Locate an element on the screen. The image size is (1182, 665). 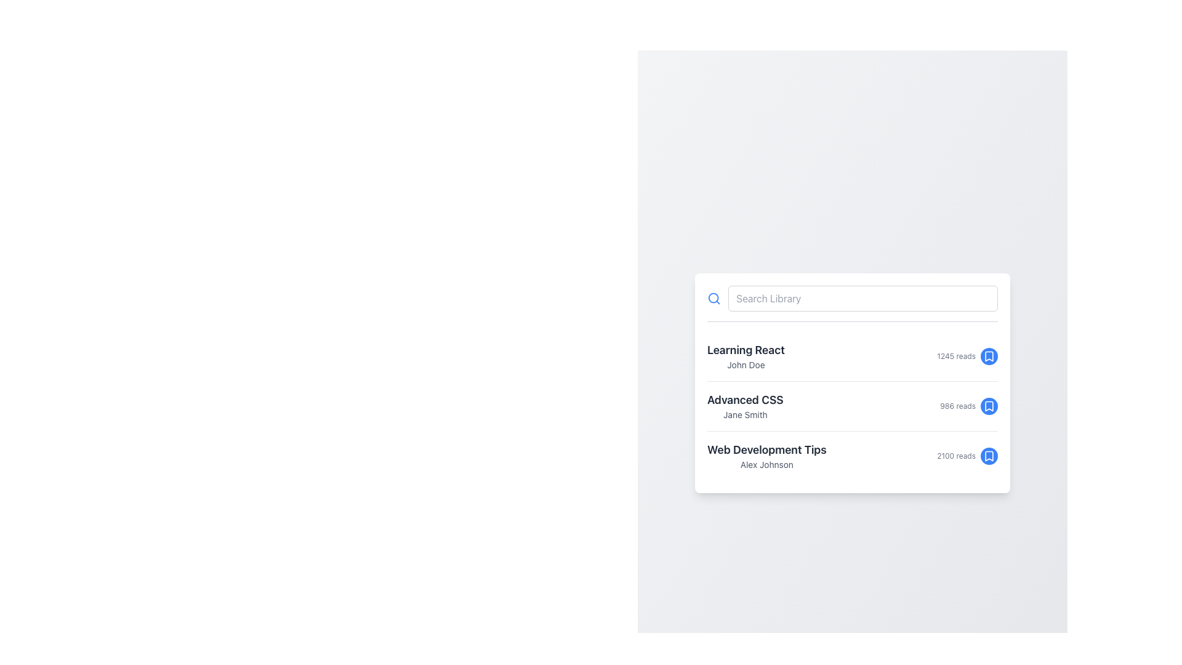
the bookmark icon located in the third column next to the 'Advanced CSS' entry by Jane Smith to bookmark the content for later reference is located at coordinates (989, 356).